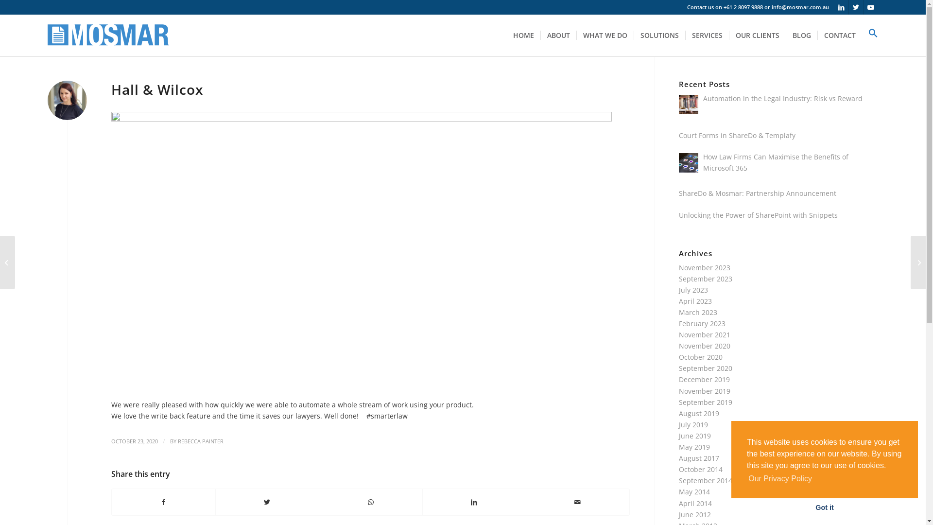 The width and height of the screenshot is (933, 525). What do you see at coordinates (757, 35) in the screenshot?
I see `'OUR CLIENTS'` at bounding box center [757, 35].